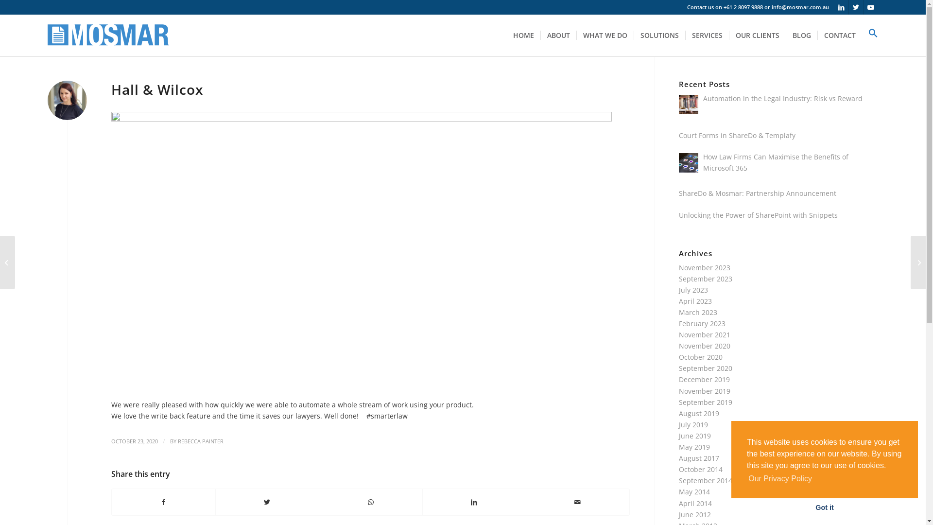 The width and height of the screenshot is (933, 525). What do you see at coordinates (757, 35) in the screenshot?
I see `'OUR CLIENTS'` at bounding box center [757, 35].